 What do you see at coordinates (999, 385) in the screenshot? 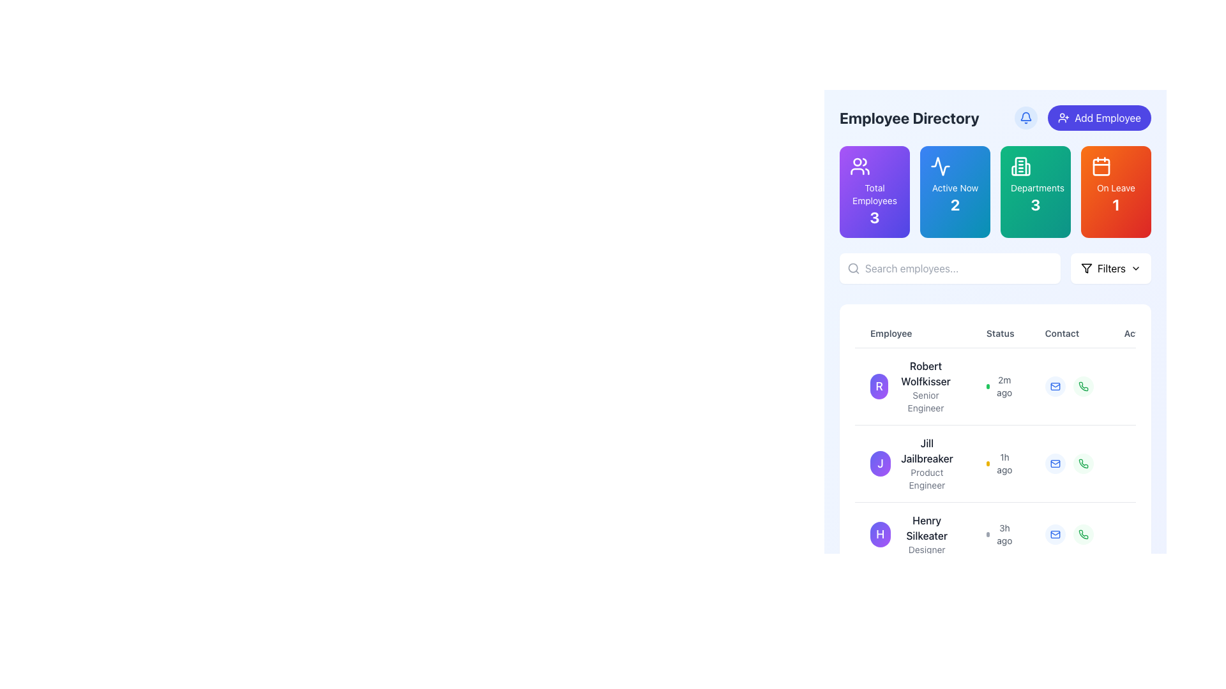
I see `the Status indicator with timestamp showing '2m ago' next to the employee 'Robert Wolfkisser' in the first row of the employee list` at bounding box center [999, 385].